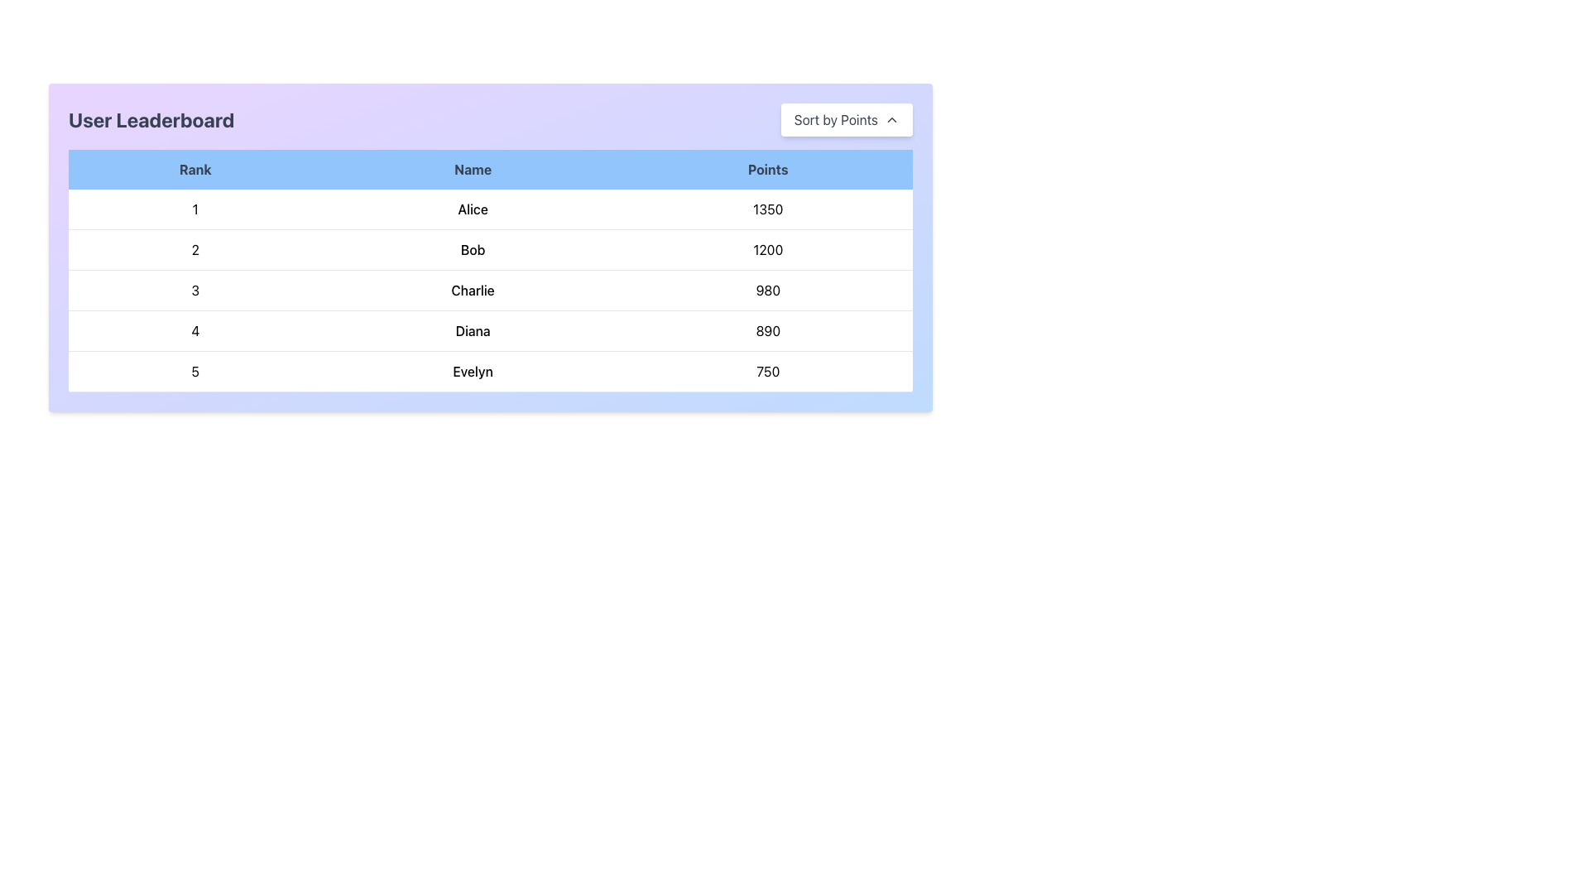 This screenshot has height=894, width=1589. I want to click on the text element displaying 'Evelyn' in the user leaderboard table, located in the fifth row and second column, so click(472, 370).